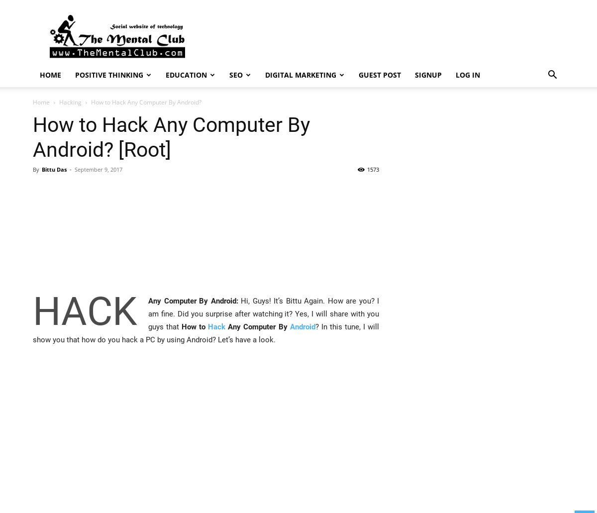 The width and height of the screenshot is (597, 513). I want to click on 'Search', so click(298, 50).